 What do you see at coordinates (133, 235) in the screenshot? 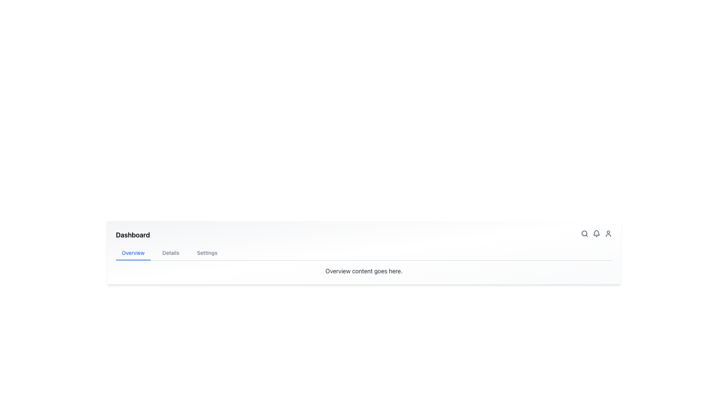
I see `the bold and prominent 'Dashboard' static text positioned on the left-hand side of the top bar` at bounding box center [133, 235].